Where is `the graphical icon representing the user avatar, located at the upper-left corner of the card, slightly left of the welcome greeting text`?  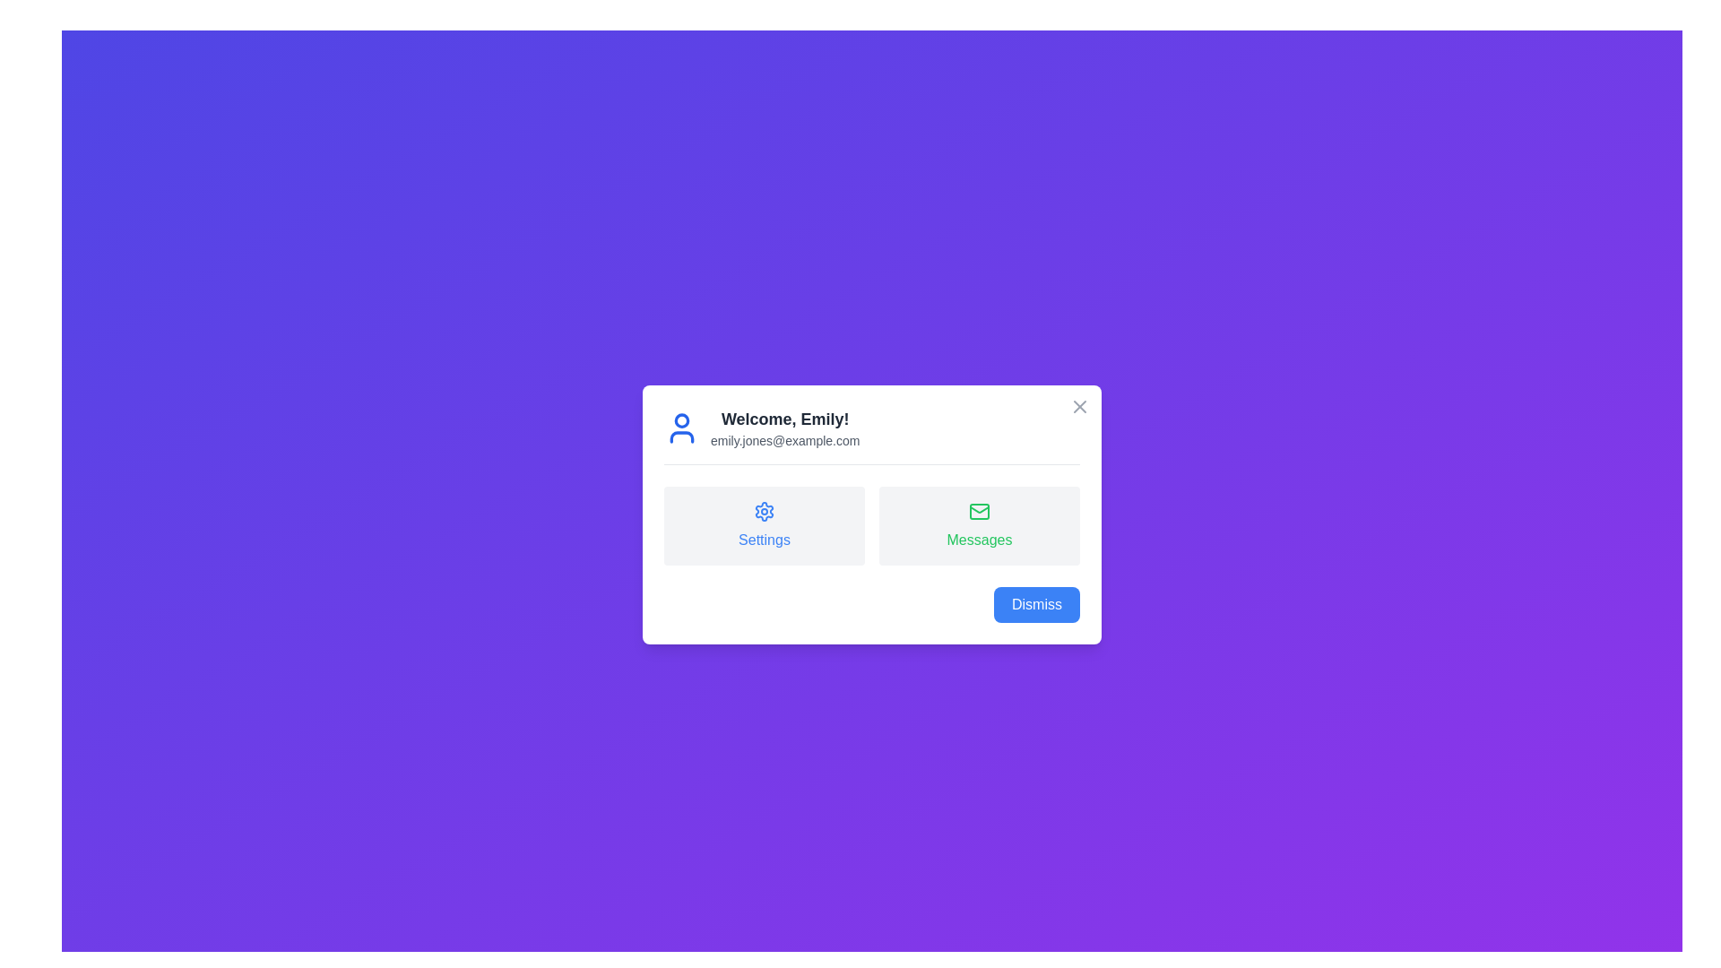
the graphical icon representing the user avatar, located at the upper-left corner of the card, slightly left of the welcome greeting text is located at coordinates (681, 420).